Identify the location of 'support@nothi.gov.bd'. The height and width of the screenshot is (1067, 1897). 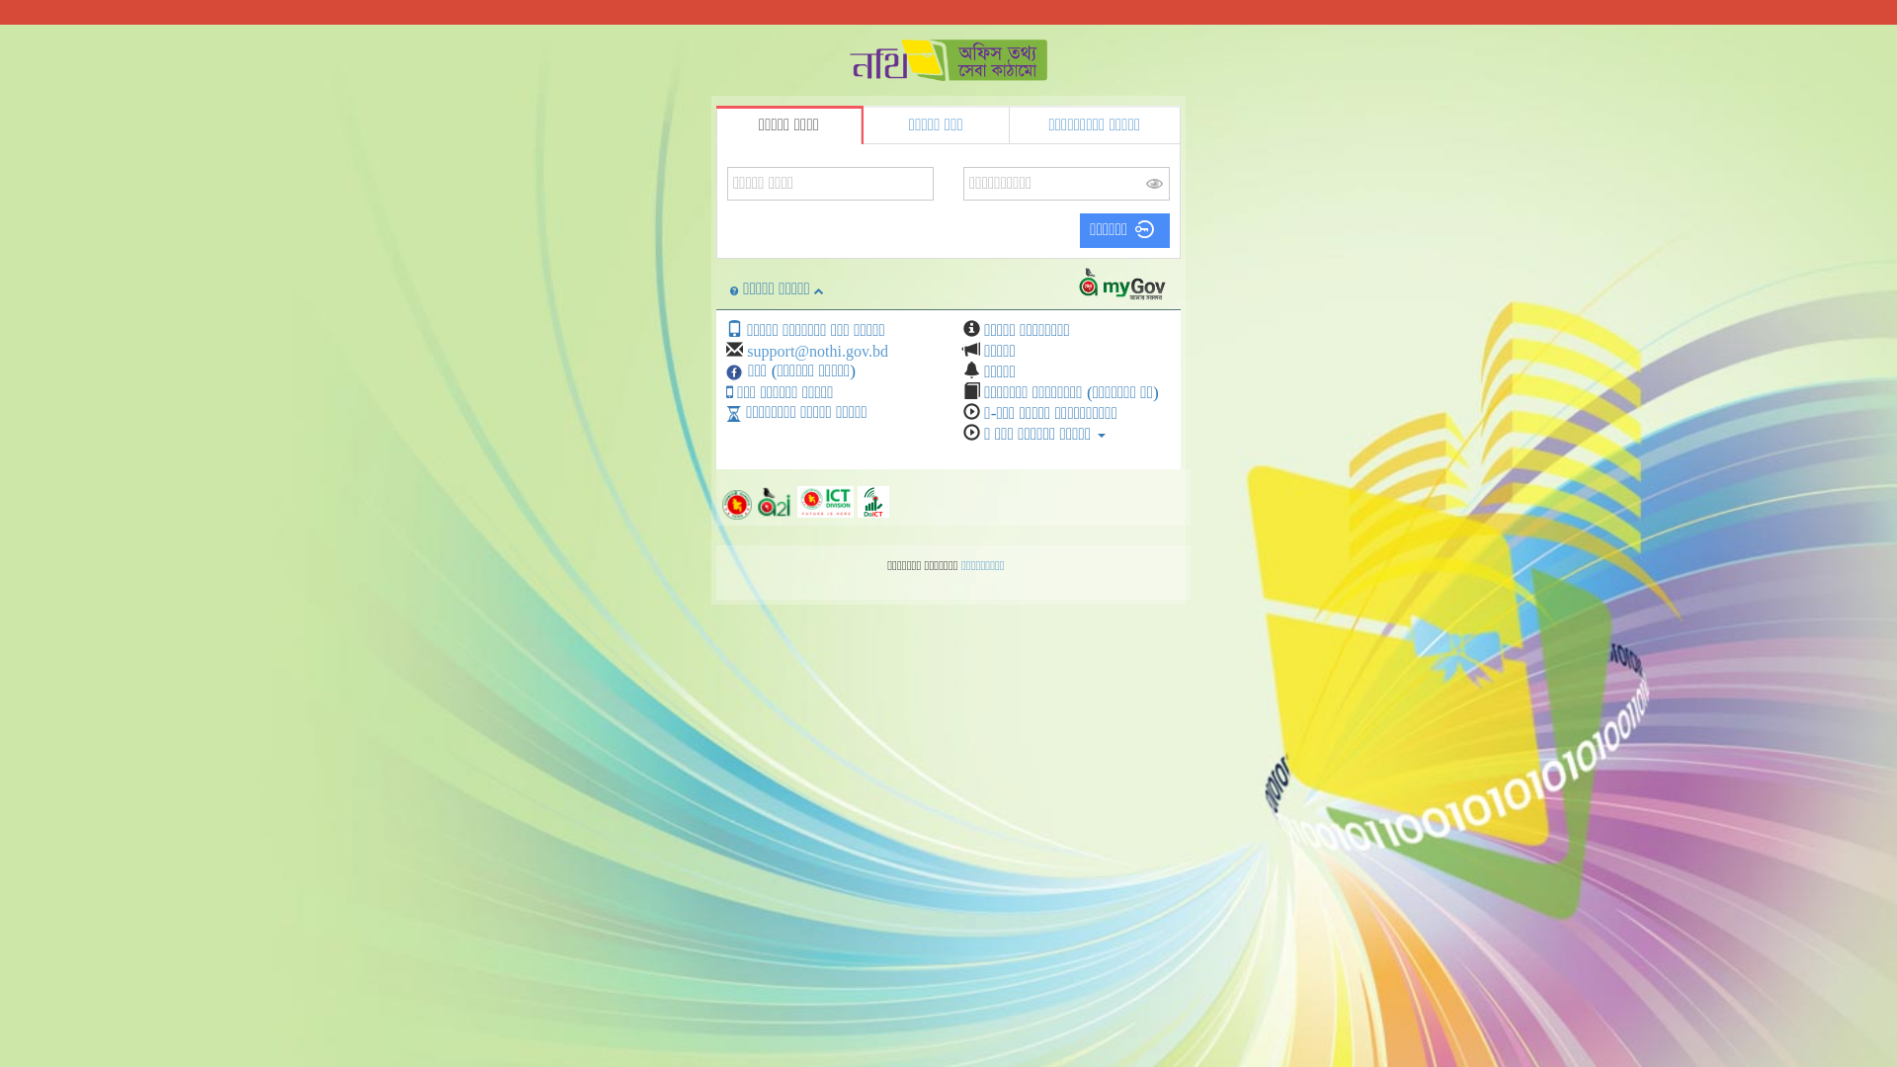
(817, 350).